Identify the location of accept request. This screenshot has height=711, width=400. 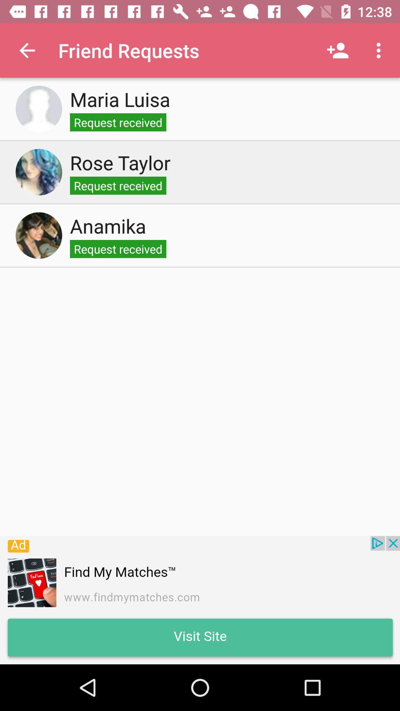
(39, 108).